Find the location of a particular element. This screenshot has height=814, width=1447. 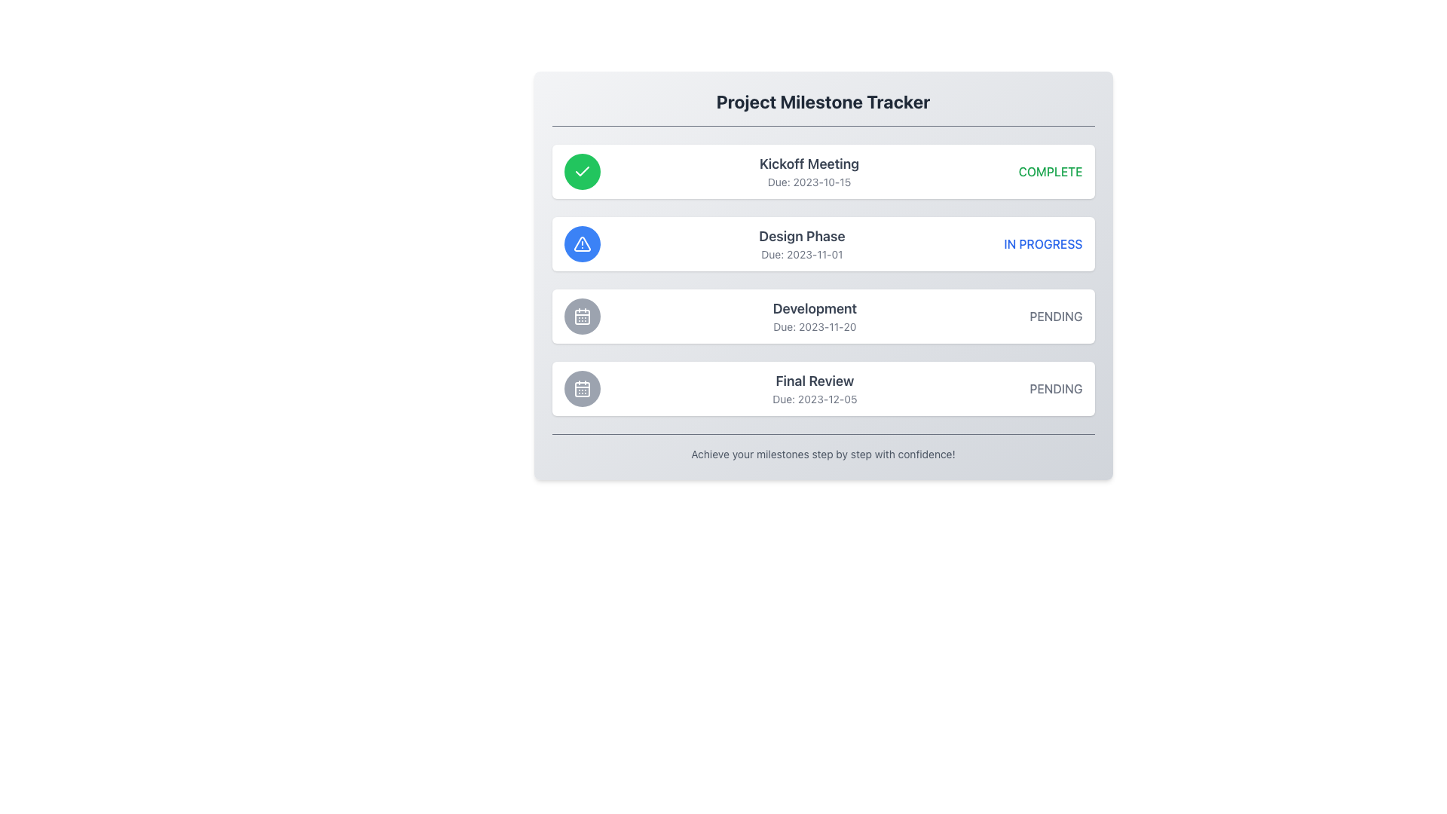

the calendar icon representing the 'Development' milestone with a due date of 2023-11-20, located in the Project Milestone Tracker interface is located at coordinates (581, 316).